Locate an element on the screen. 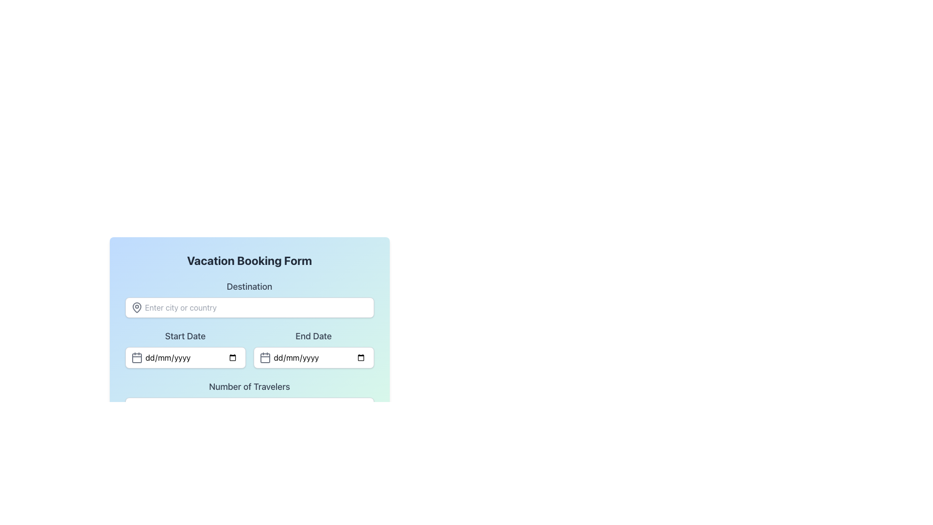  the 'Start Date' Text Label in the 'Vacation Booking Form', which is positioned to the left of the 'End Date' label is located at coordinates (185, 335).